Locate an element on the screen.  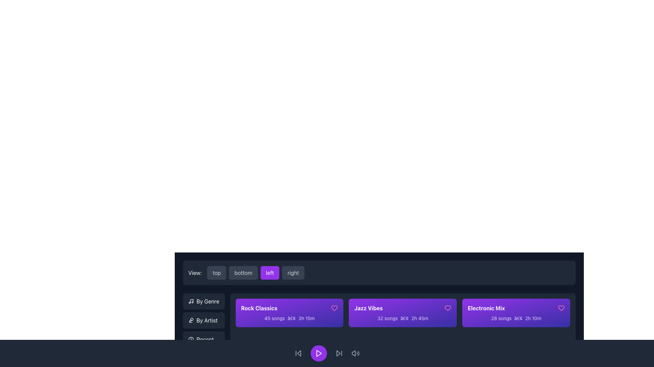
the last button in the vertical list on the left side of the interface, located under the 'By Artist' button and above the 'Rock Classics' section is located at coordinates (203, 339).